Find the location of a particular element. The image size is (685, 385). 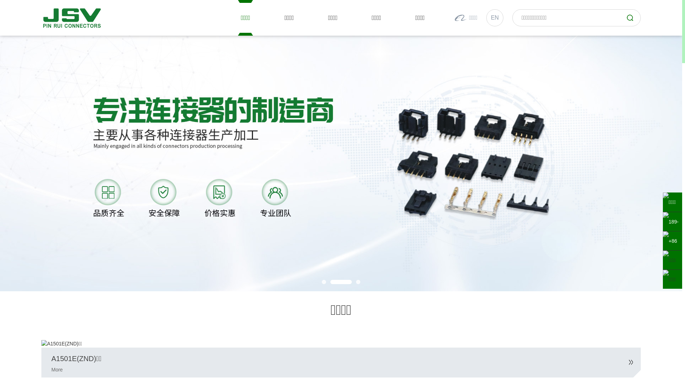

'EN' is located at coordinates (494, 17).